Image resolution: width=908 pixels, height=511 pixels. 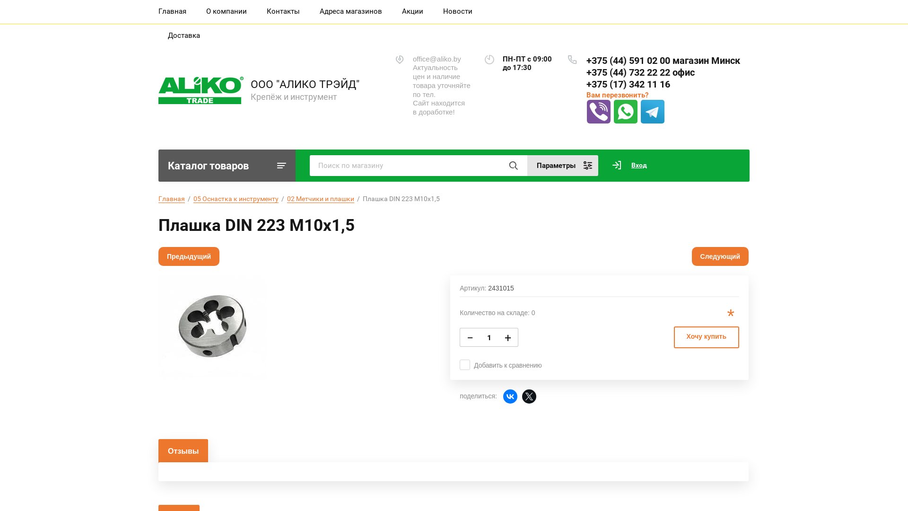 I want to click on '+', so click(x=507, y=337).